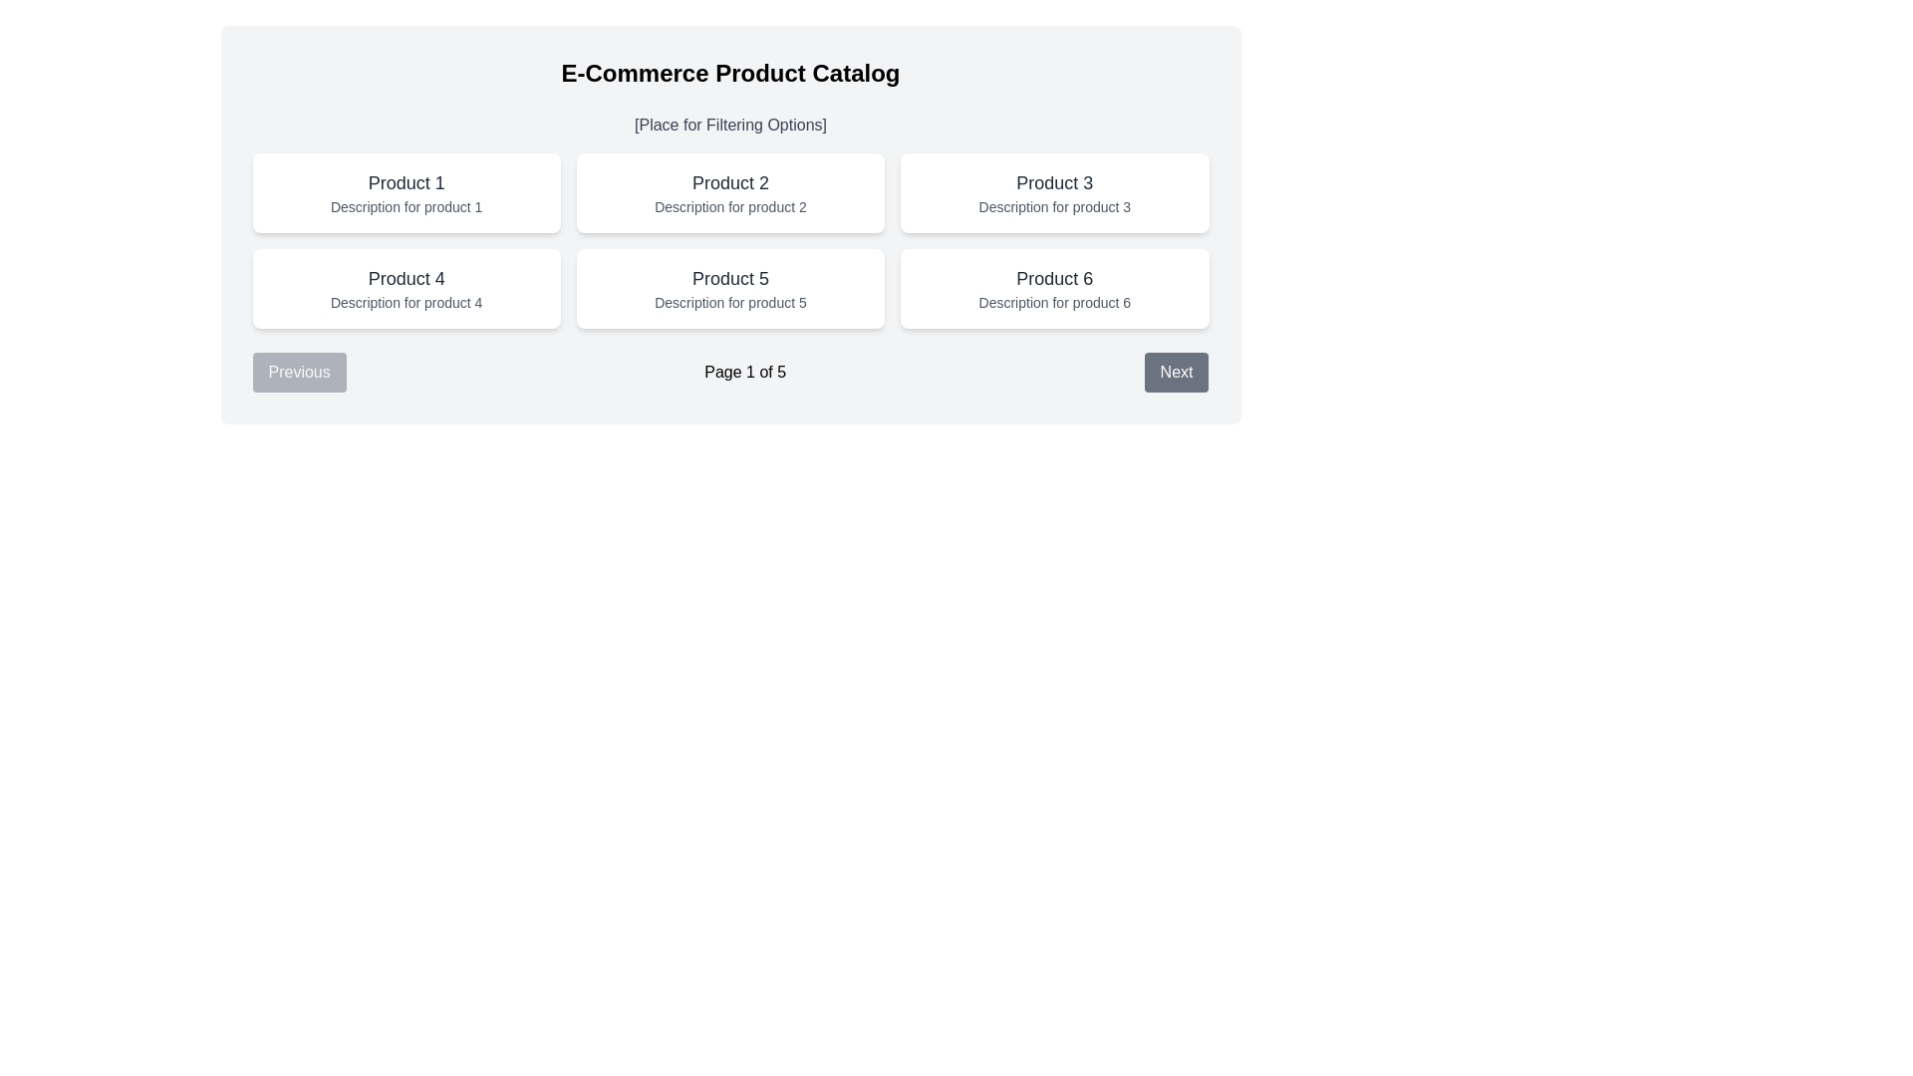  Describe the element at coordinates (406, 303) in the screenshot. I see `the text label containing 'Description for product 4', which is located beneath the 'Product 4' title in the second row of product cards` at that location.